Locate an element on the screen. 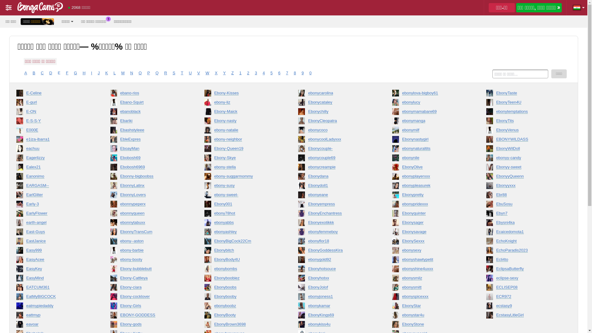 The width and height of the screenshot is (592, 333). 'Ebano-Squirt' is located at coordinates (148, 103).